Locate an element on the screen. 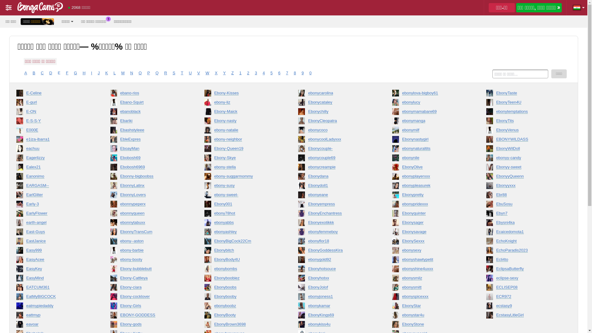 The width and height of the screenshot is (592, 333). 'Ebano-Squirt' is located at coordinates (148, 103).